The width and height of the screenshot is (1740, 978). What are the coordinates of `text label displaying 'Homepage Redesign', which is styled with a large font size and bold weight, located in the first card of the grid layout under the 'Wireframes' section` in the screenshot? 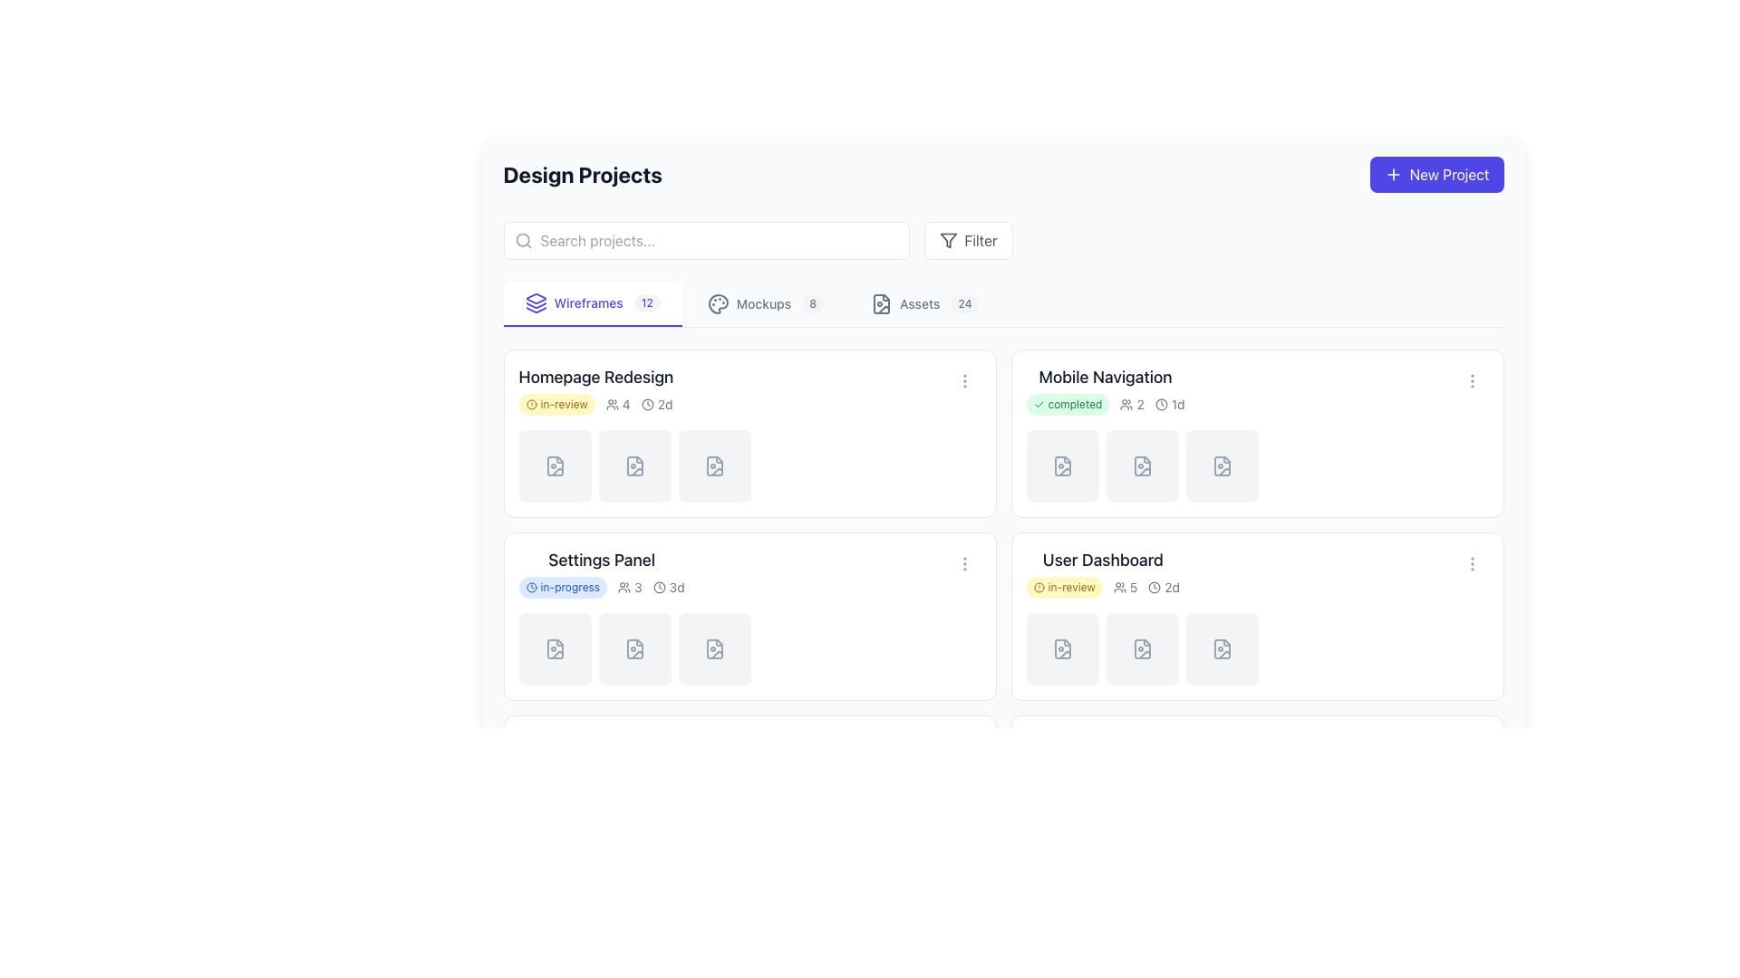 It's located at (595, 376).